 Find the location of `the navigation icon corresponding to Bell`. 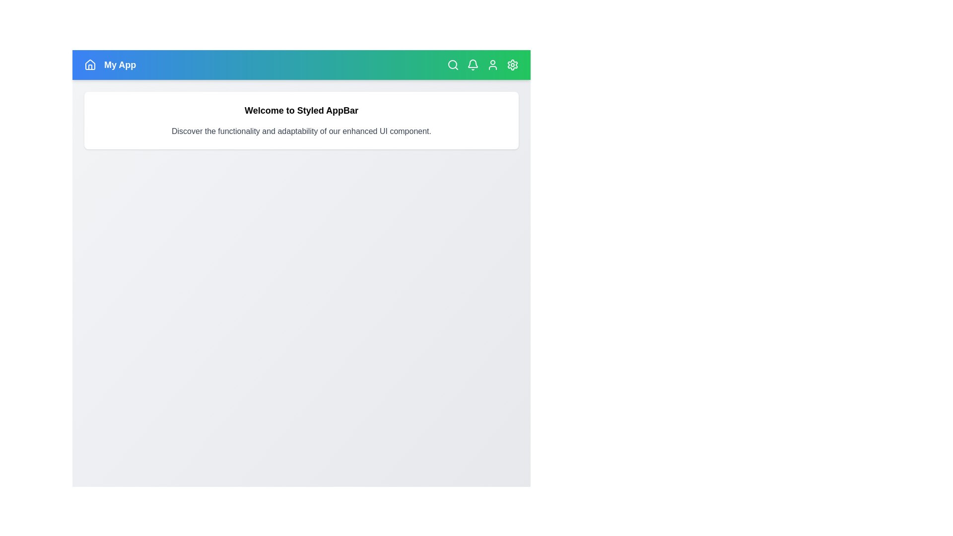

the navigation icon corresponding to Bell is located at coordinates (473, 65).